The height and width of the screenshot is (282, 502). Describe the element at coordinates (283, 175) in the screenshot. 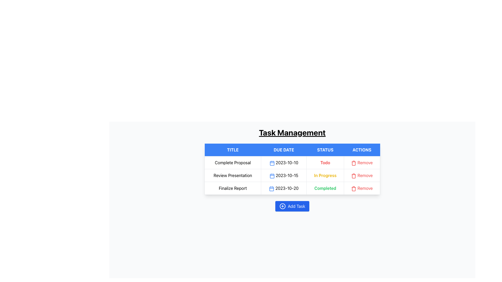

I see `the Label displaying the due date of the task, located in the second column of the second row in the table under the header 'DUE DATE'` at that location.